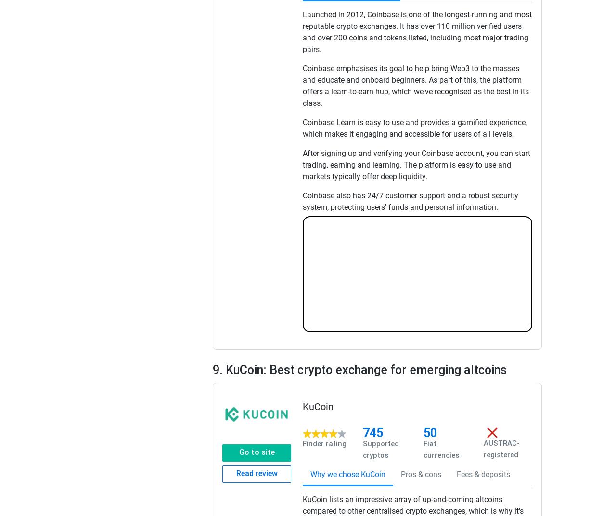  What do you see at coordinates (256, 451) in the screenshot?
I see `'Go to site'` at bounding box center [256, 451].